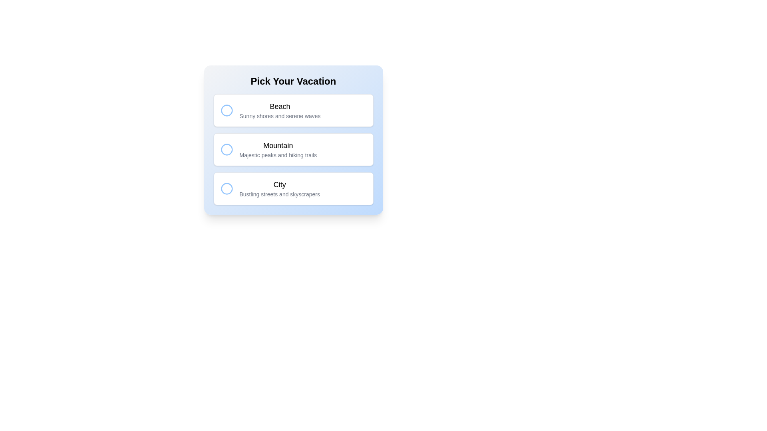 This screenshot has height=431, width=767. What do you see at coordinates (280, 189) in the screenshot?
I see `title and subtitle information of the text block within the third card under 'Pick Your Vacation'` at bounding box center [280, 189].